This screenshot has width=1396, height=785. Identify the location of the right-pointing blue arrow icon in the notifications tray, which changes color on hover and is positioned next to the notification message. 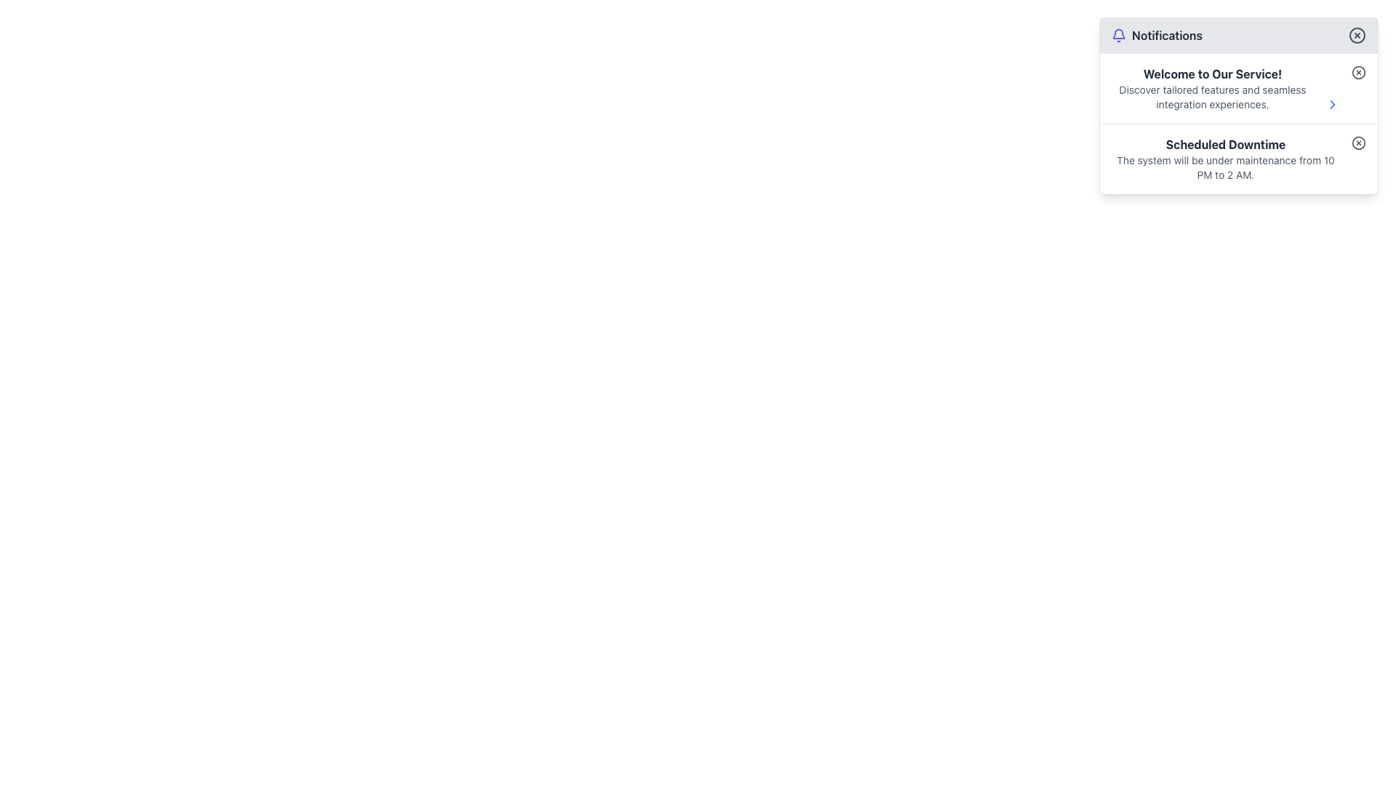
(1333, 103).